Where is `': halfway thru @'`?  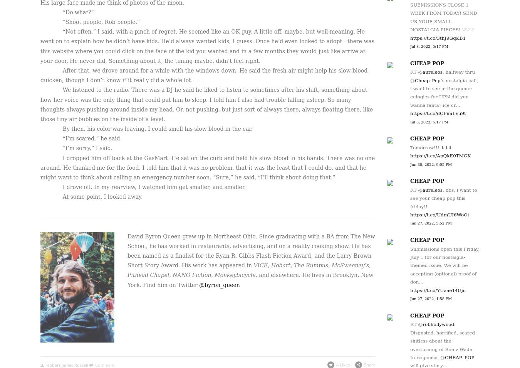 ': halfway thru @' is located at coordinates (442, 76).